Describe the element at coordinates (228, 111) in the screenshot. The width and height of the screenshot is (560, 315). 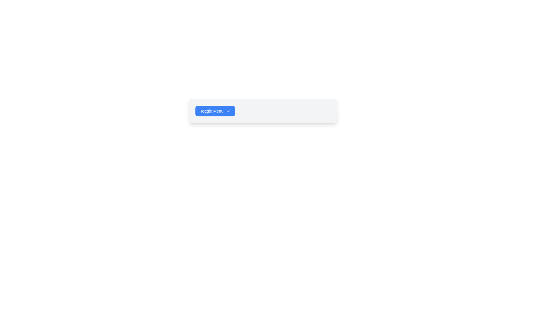
I see `the icon located to the right of the 'Toggle Menu' text label, which serves as a visual indicator for expanding the dropdown menu` at that location.